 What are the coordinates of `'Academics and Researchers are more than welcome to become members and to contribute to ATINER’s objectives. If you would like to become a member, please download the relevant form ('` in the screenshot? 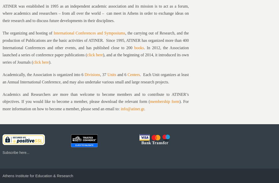 It's located at (2, 98).